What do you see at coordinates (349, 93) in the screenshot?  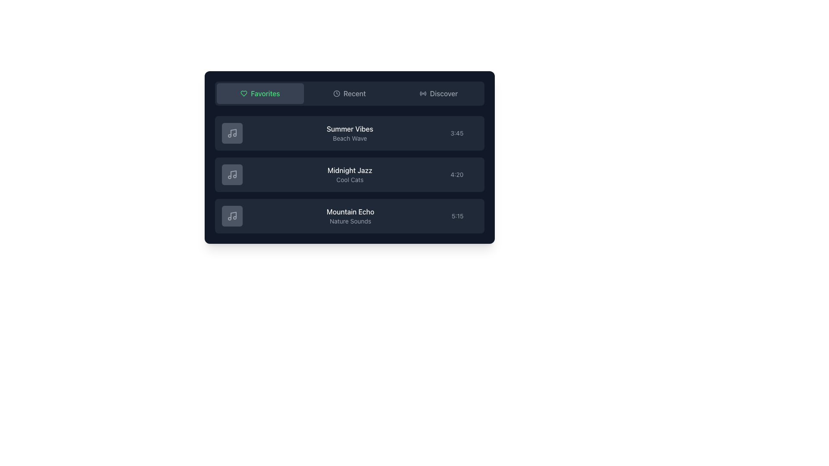 I see `the 'Recent' button located in the middle of the three-option menu bar` at bounding box center [349, 93].